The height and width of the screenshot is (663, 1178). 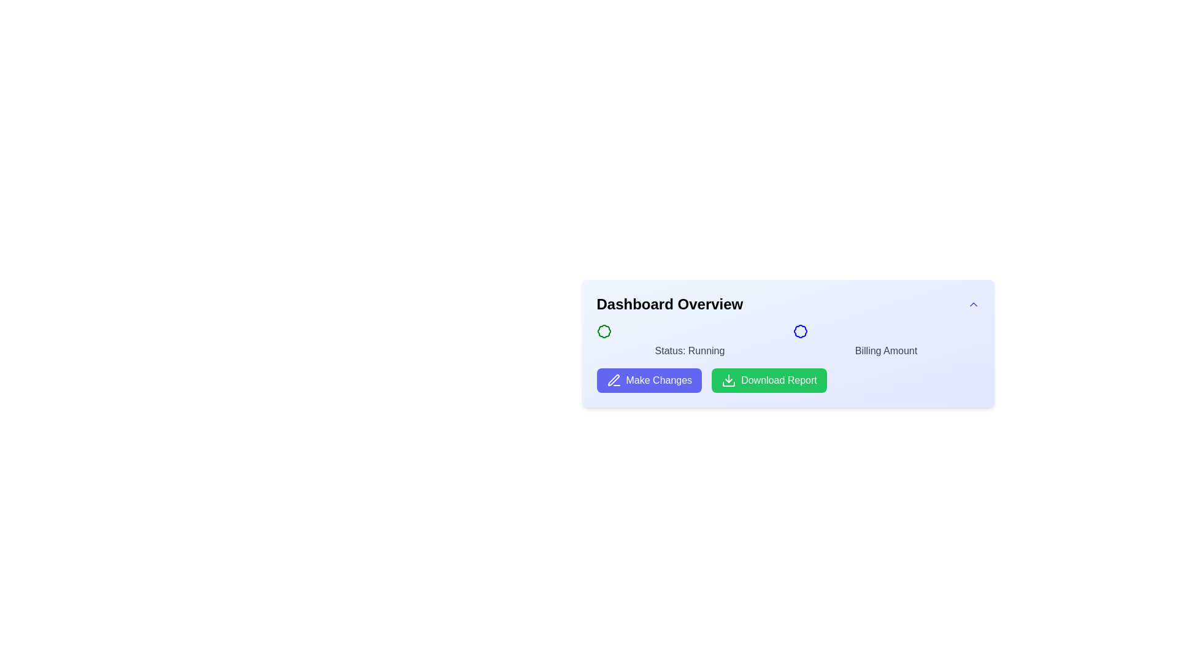 I want to click on the upward-pointing chevron icon styled in indigo color located at the upper right corner of the 'Dashboard Overview' section, so click(x=972, y=304).